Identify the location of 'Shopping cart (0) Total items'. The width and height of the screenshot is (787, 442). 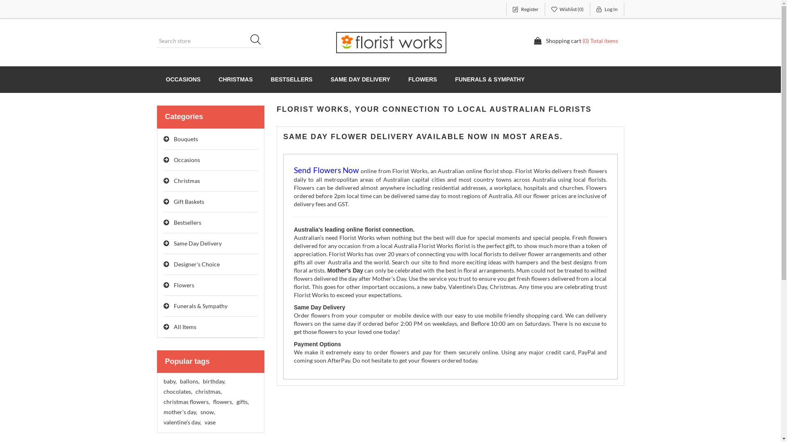
(575, 41).